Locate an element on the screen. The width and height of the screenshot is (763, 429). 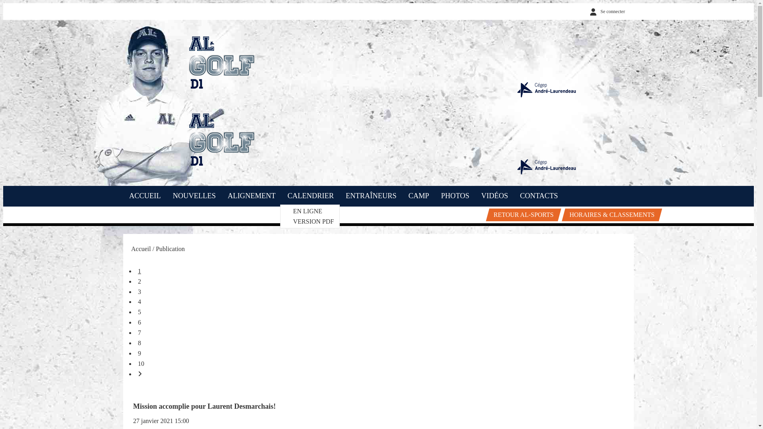
'8' is located at coordinates (139, 342).